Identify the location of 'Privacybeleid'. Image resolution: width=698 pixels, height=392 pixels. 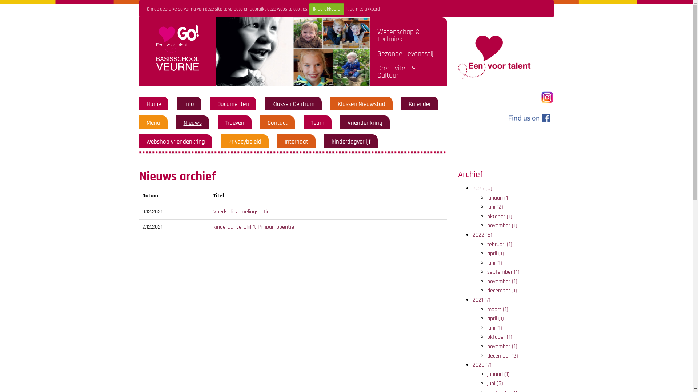
(245, 142).